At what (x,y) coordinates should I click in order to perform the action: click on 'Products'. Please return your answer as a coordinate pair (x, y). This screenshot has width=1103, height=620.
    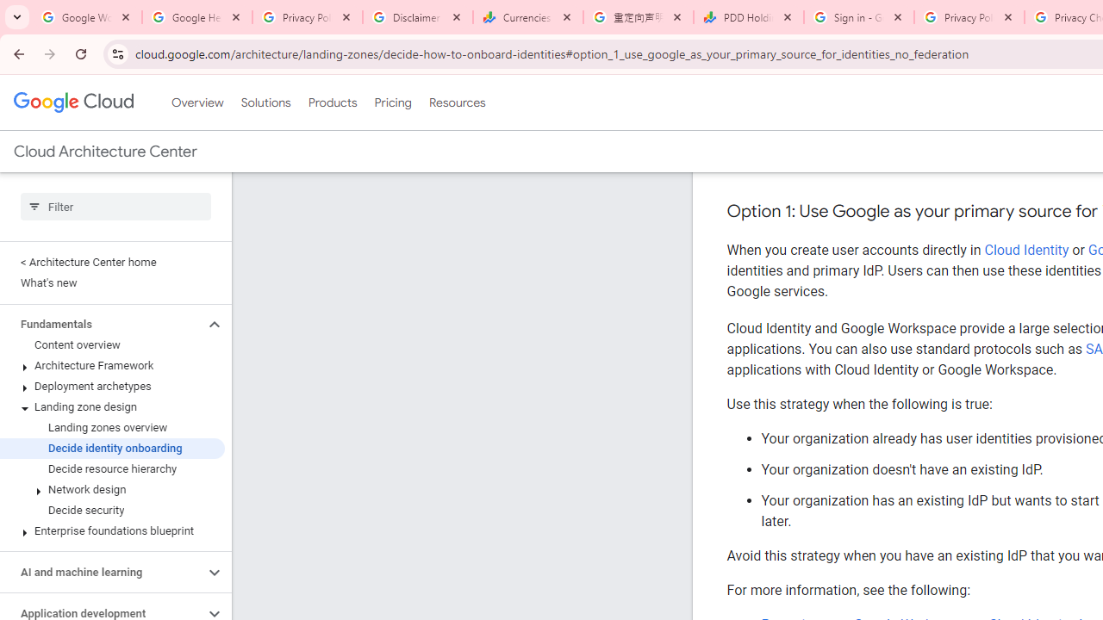
    Looking at the image, I should click on (332, 102).